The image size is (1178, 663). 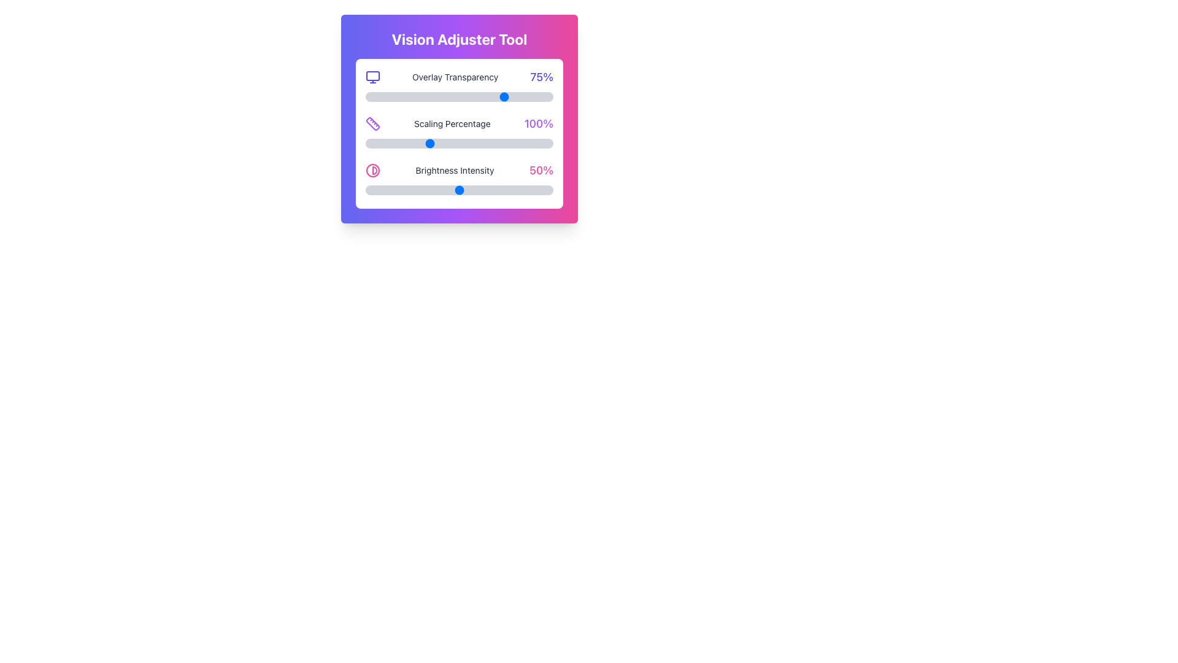 I want to click on the scaling percentage, so click(x=395, y=143).